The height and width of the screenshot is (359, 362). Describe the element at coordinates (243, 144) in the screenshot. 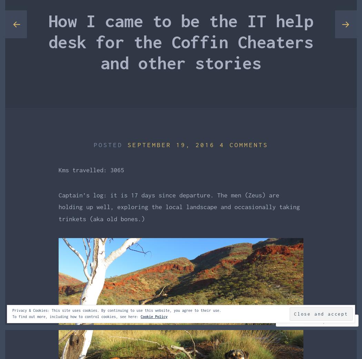

I see `'4 Comments'` at that location.